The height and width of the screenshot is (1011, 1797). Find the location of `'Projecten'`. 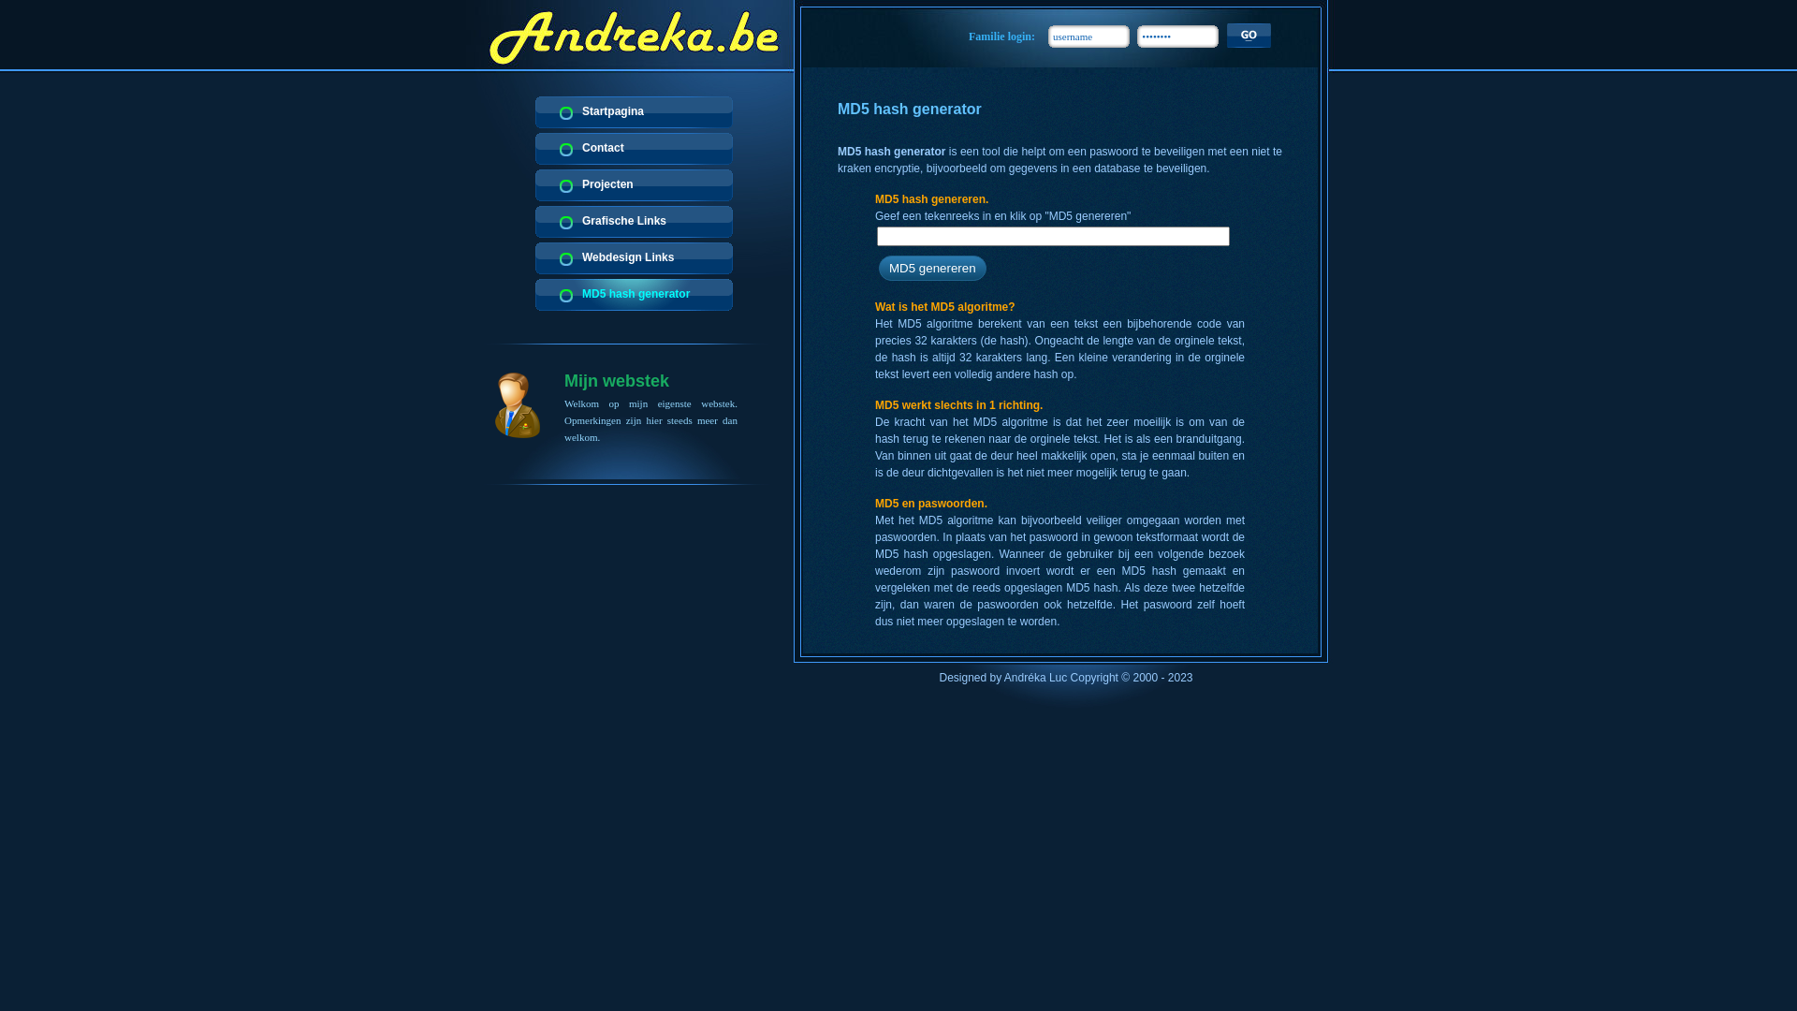

'Projecten' is located at coordinates (533, 184).